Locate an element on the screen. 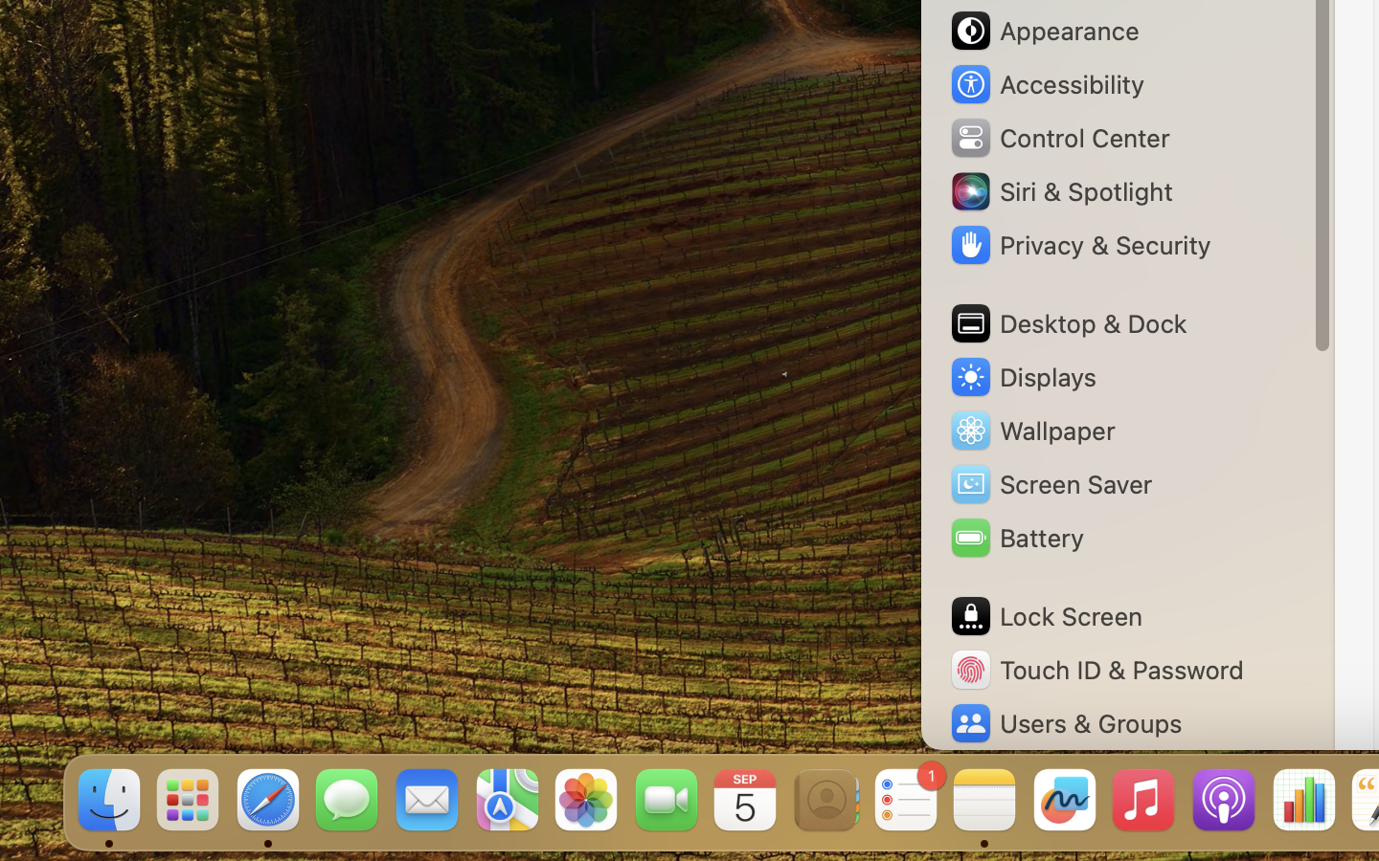 The image size is (1379, 861). 'Touch ID & Password' is located at coordinates (1096, 669).